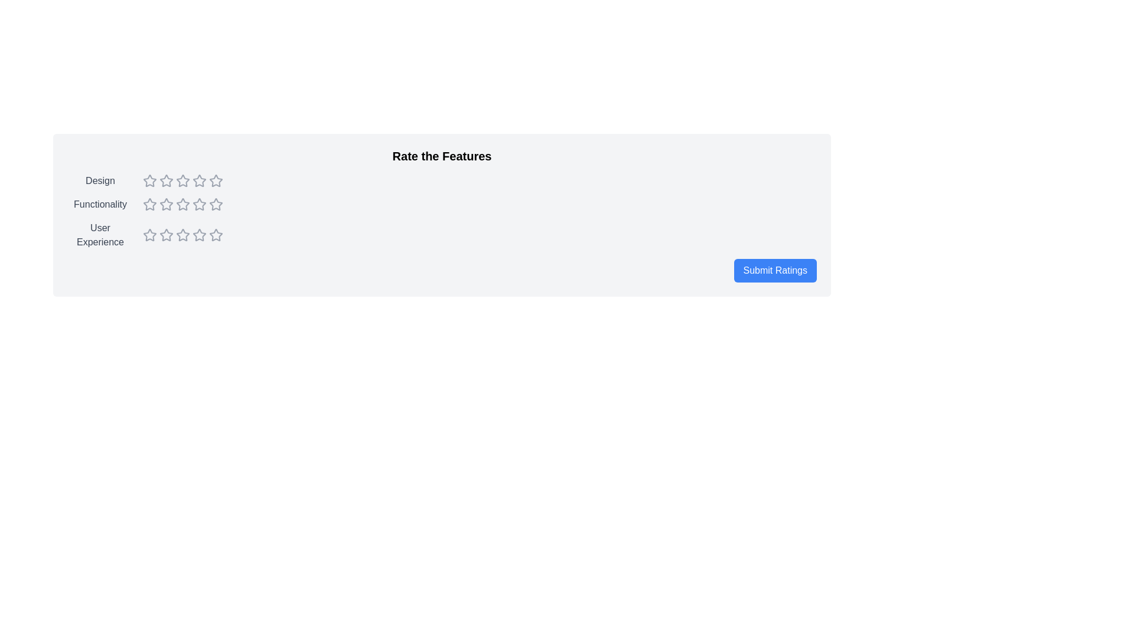  I want to click on the first star in the rating stars row, so click(183, 181).